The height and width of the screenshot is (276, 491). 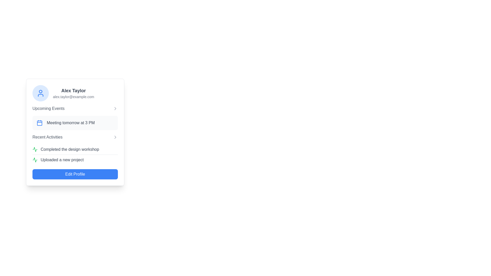 I want to click on the decorative circular element with a blue border and white fill located at the top of the user avatar on the profile card, so click(x=40, y=91).